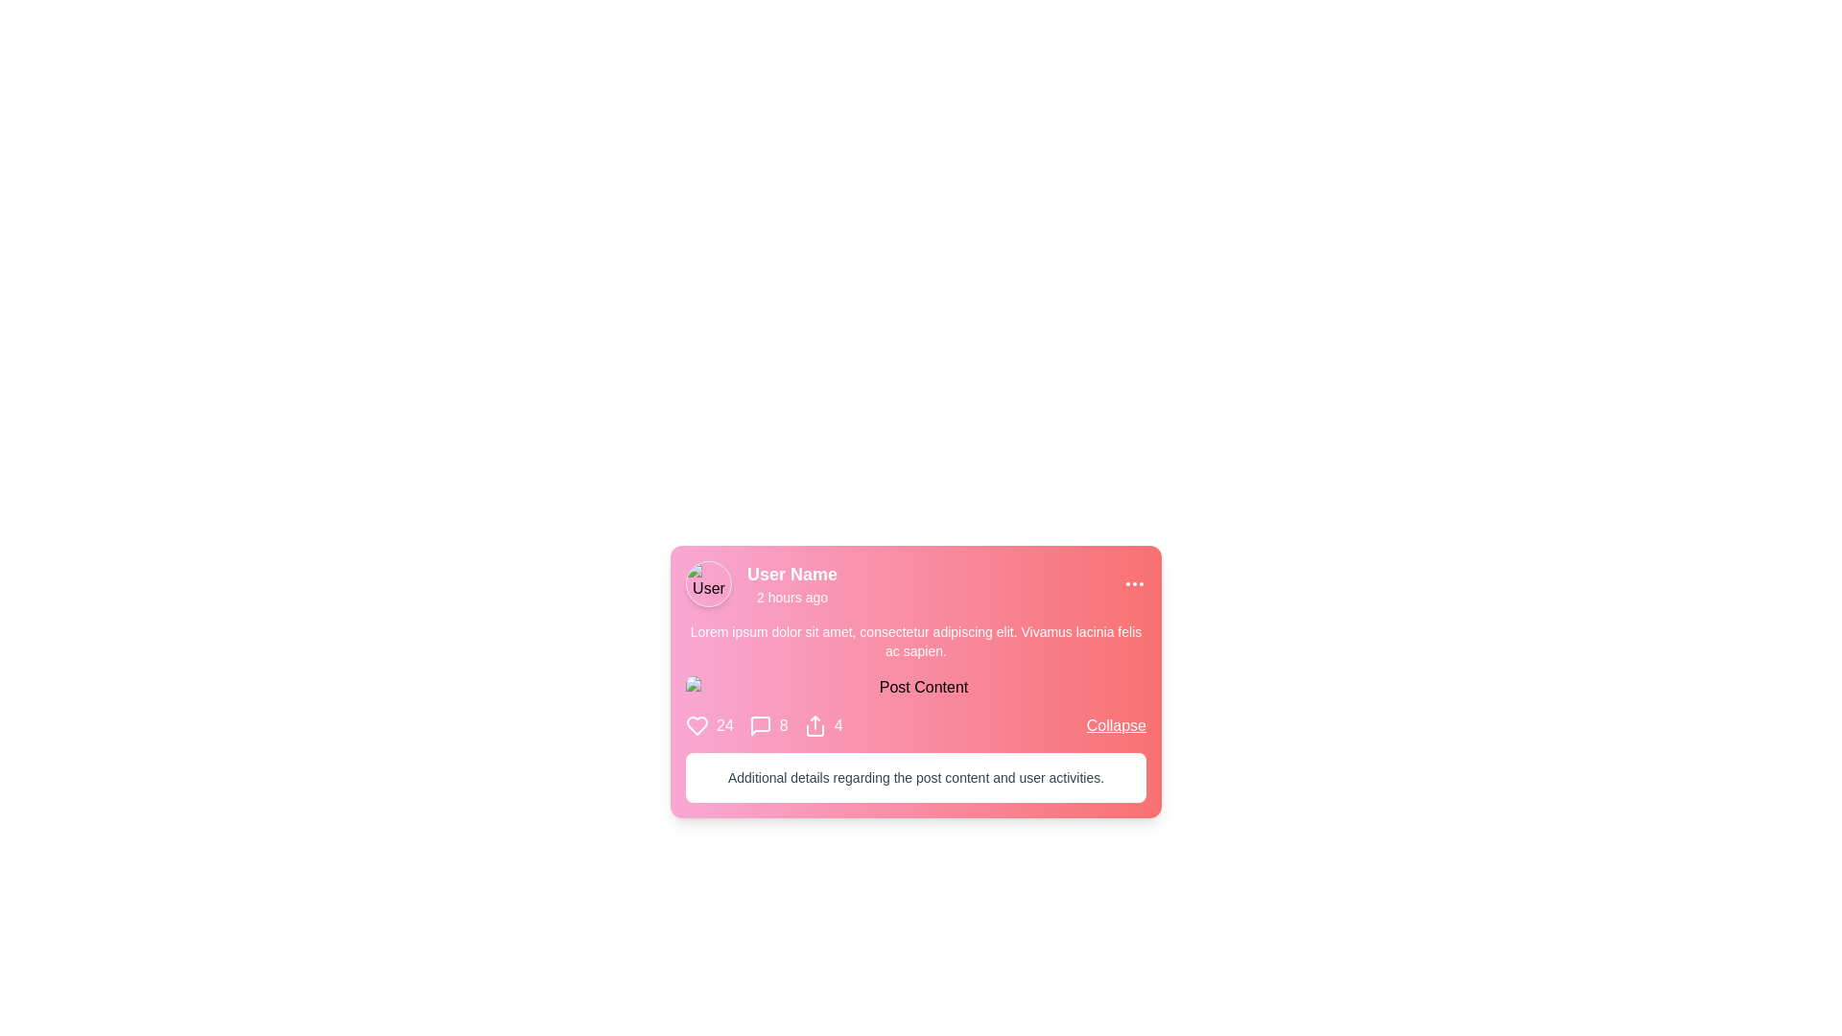  Describe the element at coordinates (791, 573) in the screenshot. I see `the 'User Name' text label, which is displayed in bold white font against a pink gradient background, positioned at the top-left of a card layout, above the '2 hours ago' text` at that location.